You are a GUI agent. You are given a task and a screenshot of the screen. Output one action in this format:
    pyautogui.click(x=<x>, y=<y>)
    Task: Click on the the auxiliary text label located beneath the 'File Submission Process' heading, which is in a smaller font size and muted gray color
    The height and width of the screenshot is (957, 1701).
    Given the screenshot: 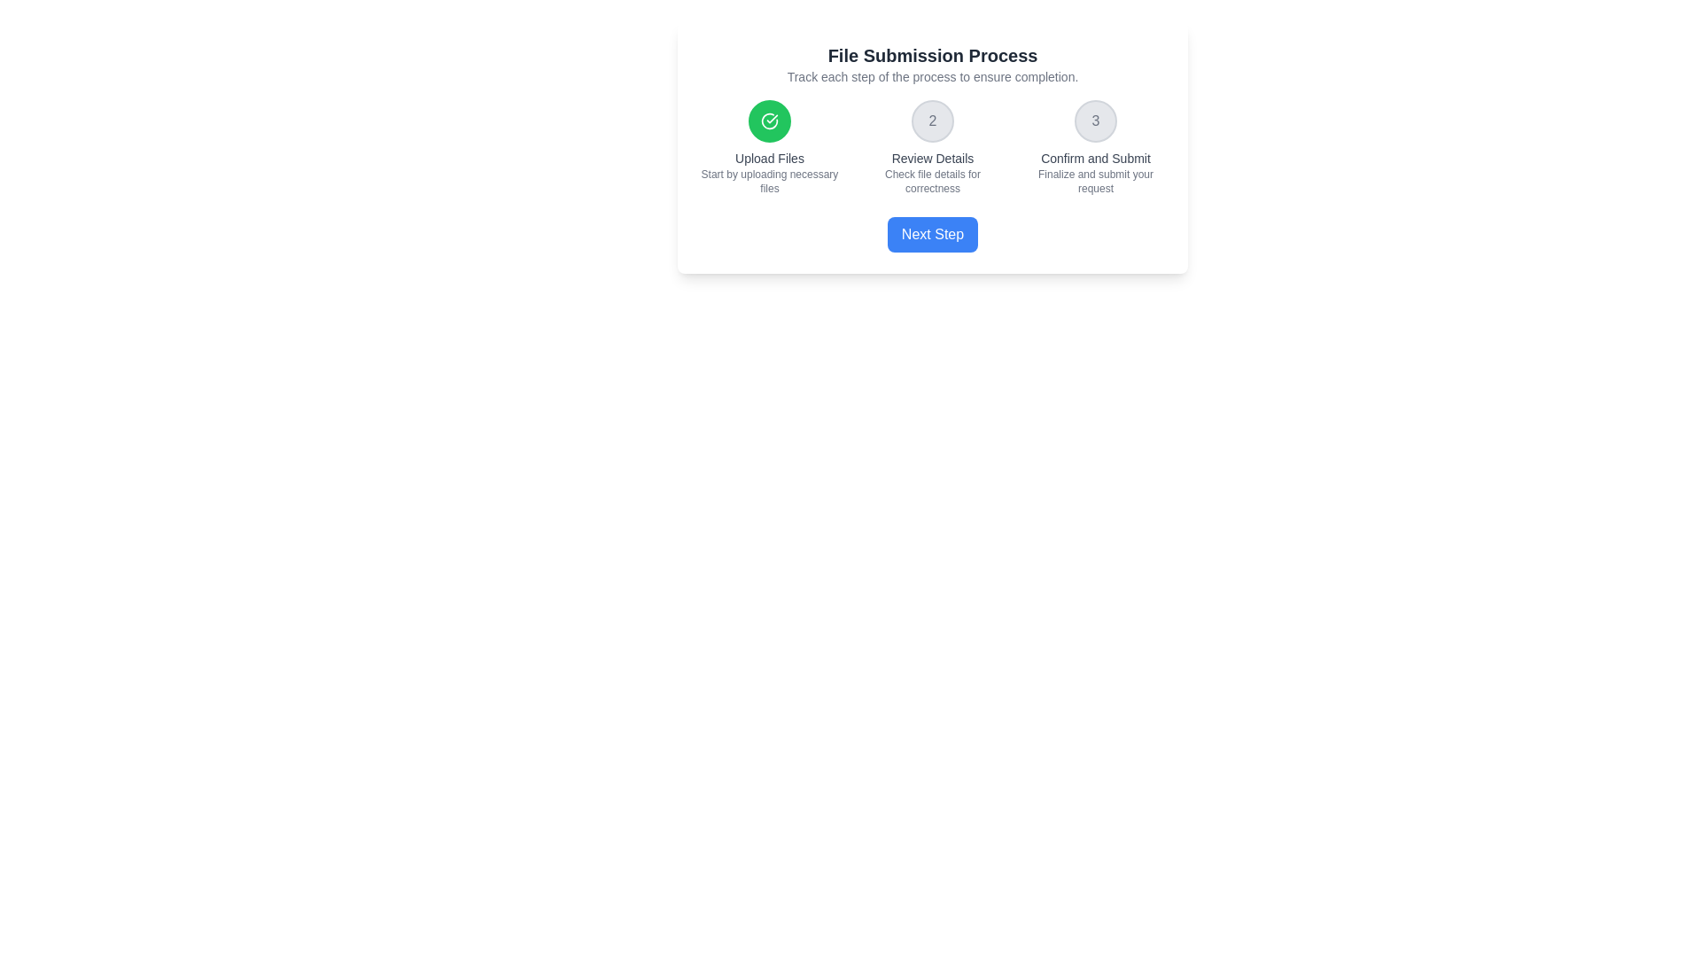 What is the action you would take?
    pyautogui.click(x=931, y=76)
    